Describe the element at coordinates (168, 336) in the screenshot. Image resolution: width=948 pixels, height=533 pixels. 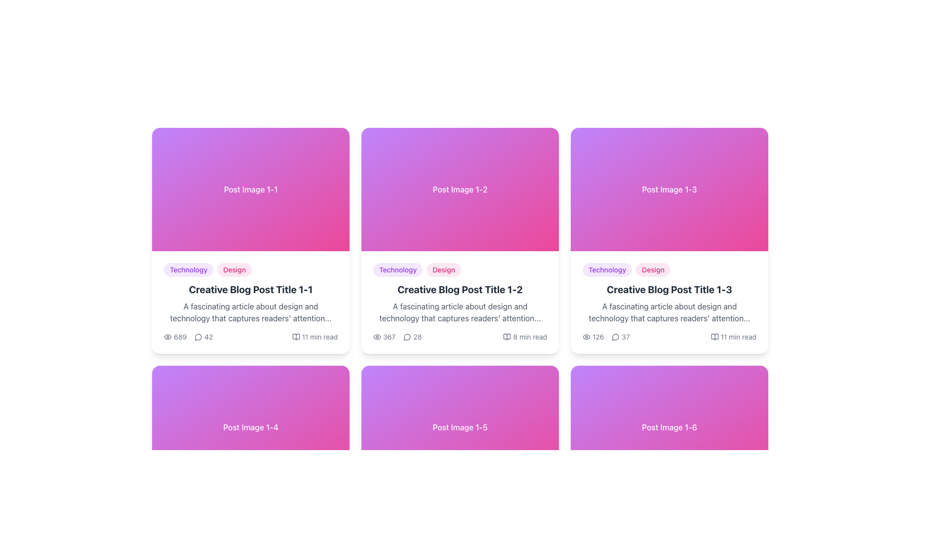
I see `the icon representing the number of views, which is located to the left of the numeric label '689' in the footer section of the first card on the top row of the grid layout` at that location.